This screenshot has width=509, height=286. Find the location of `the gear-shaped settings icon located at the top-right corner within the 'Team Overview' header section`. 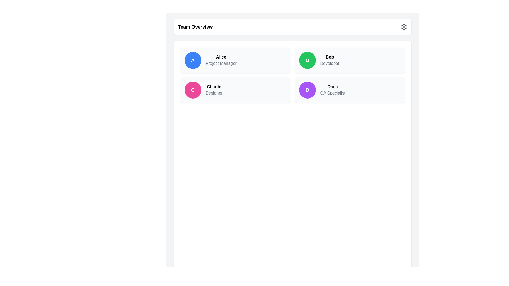

the gear-shaped settings icon located at the top-right corner within the 'Team Overview' header section is located at coordinates (403, 27).